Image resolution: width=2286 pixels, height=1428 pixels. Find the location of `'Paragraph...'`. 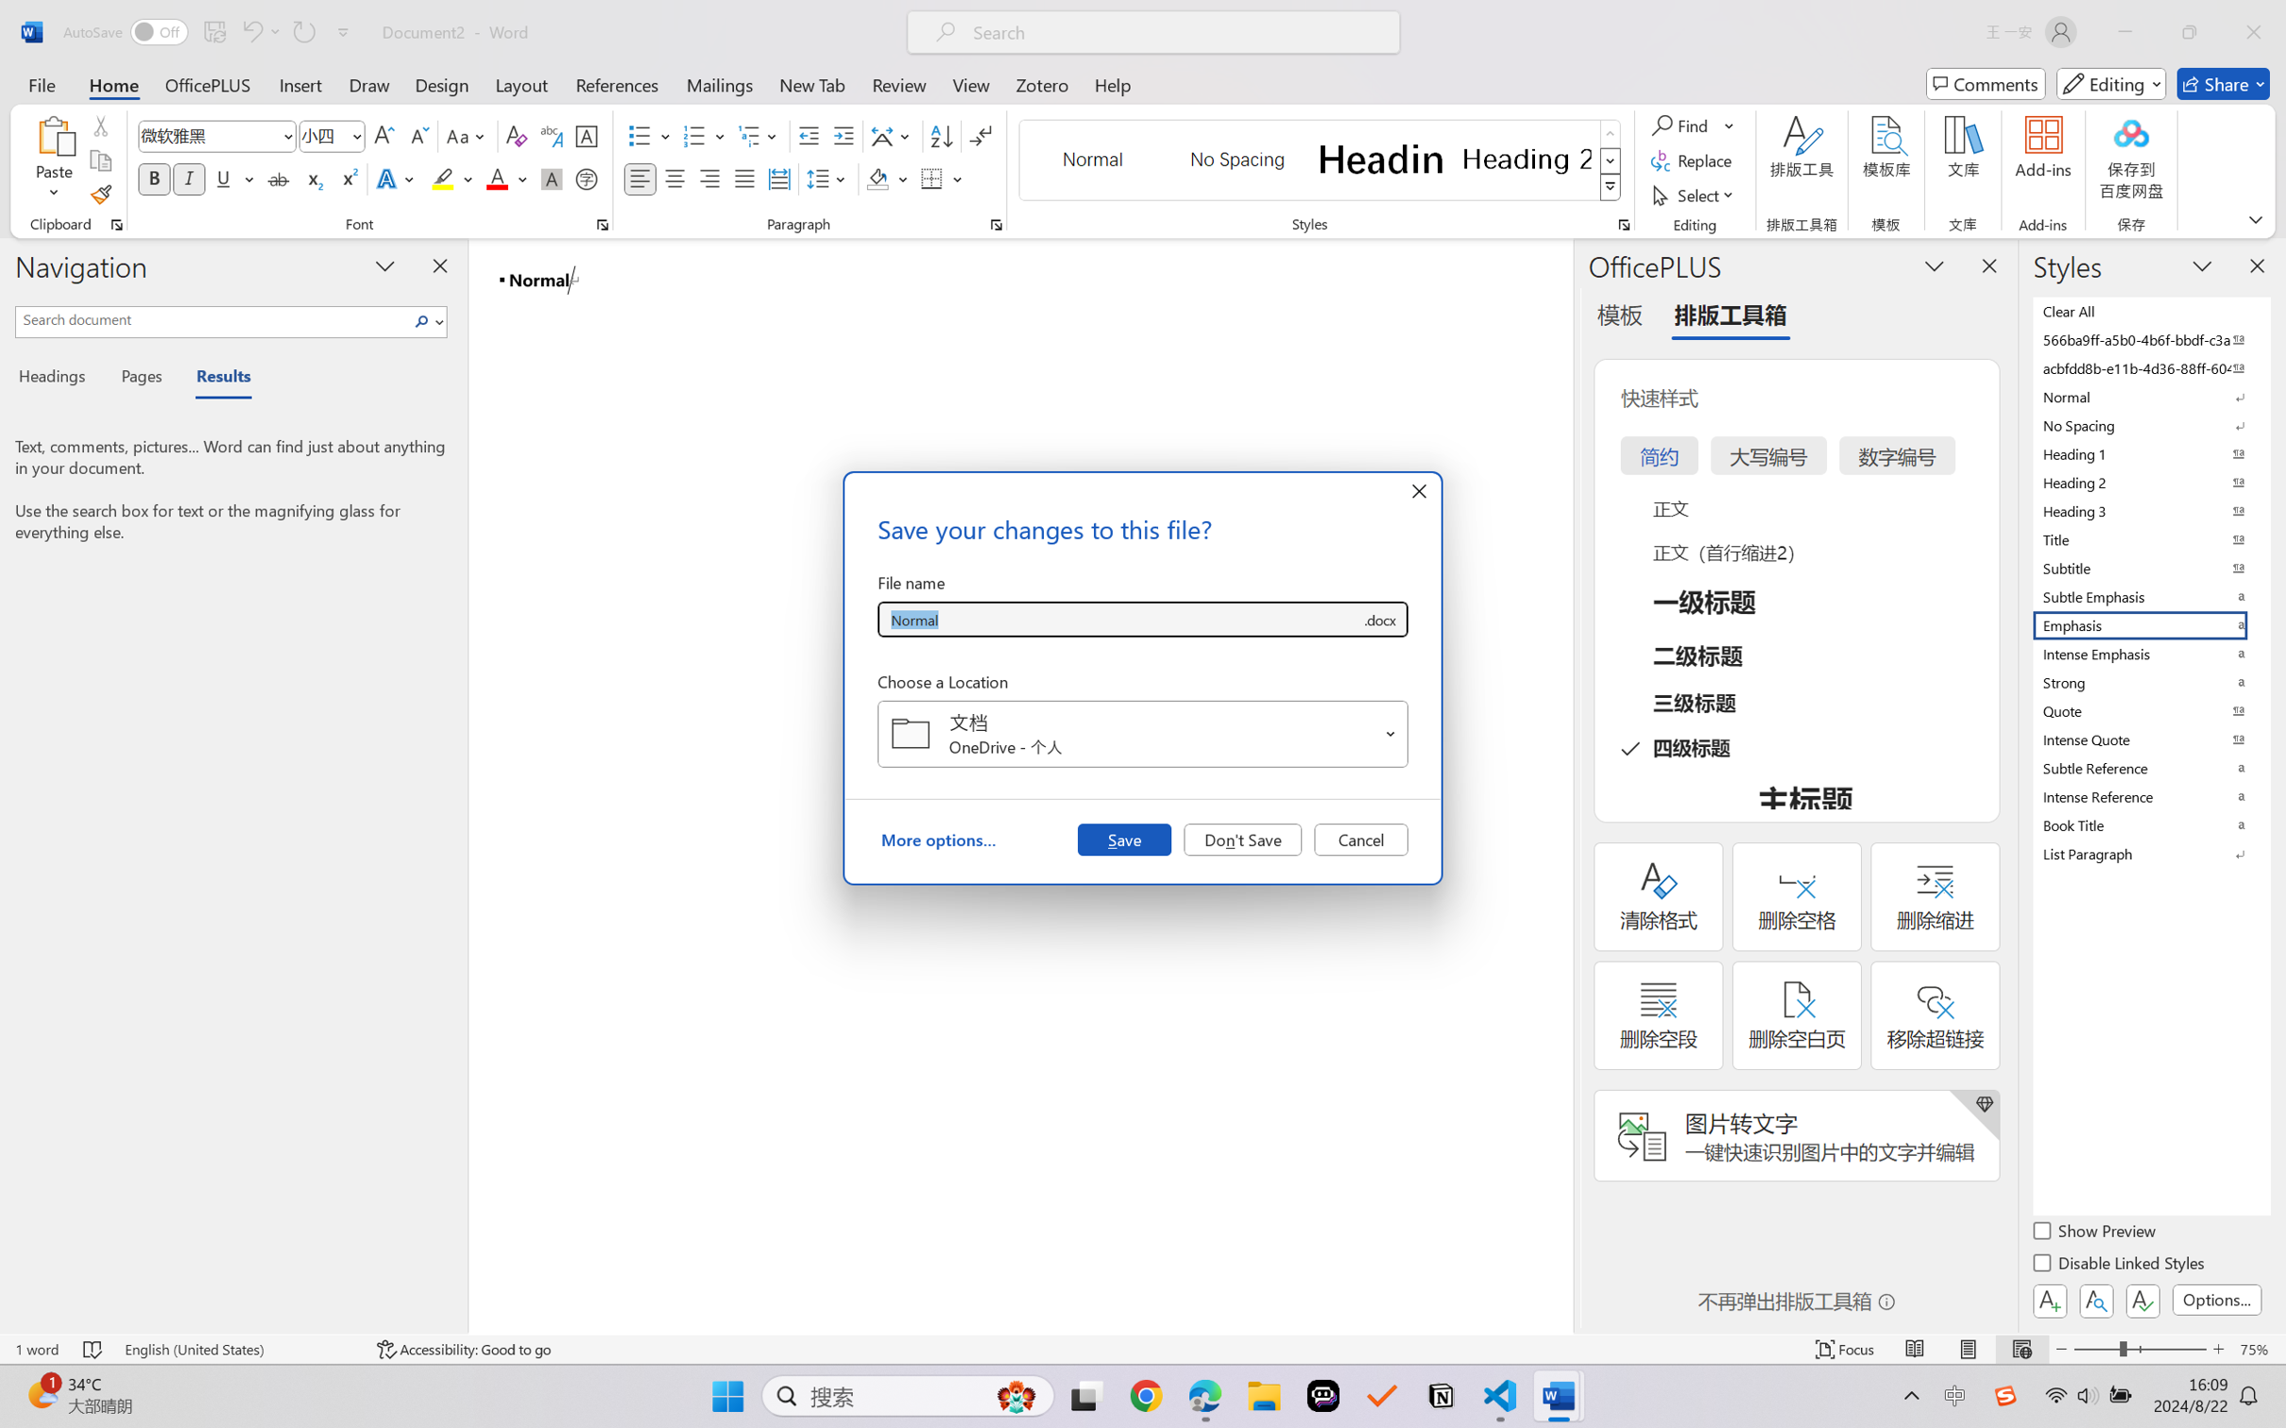

'Paragraph...' is located at coordinates (996, 224).